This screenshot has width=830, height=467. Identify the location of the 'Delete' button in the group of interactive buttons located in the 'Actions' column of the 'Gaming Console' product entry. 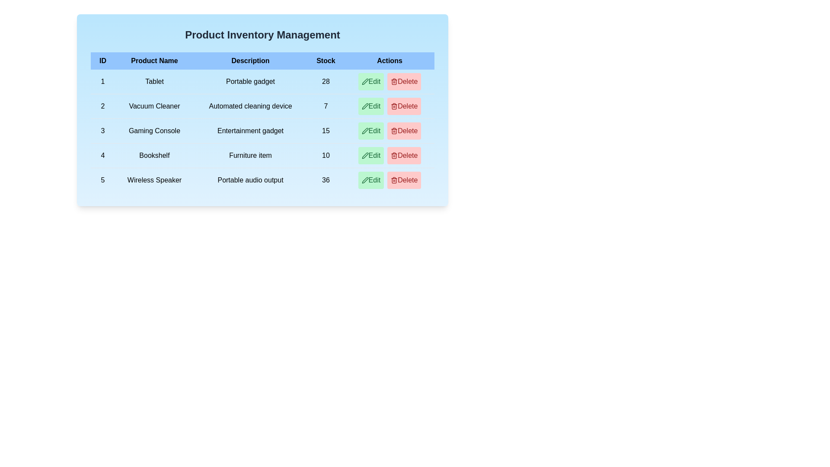
(389, 131).